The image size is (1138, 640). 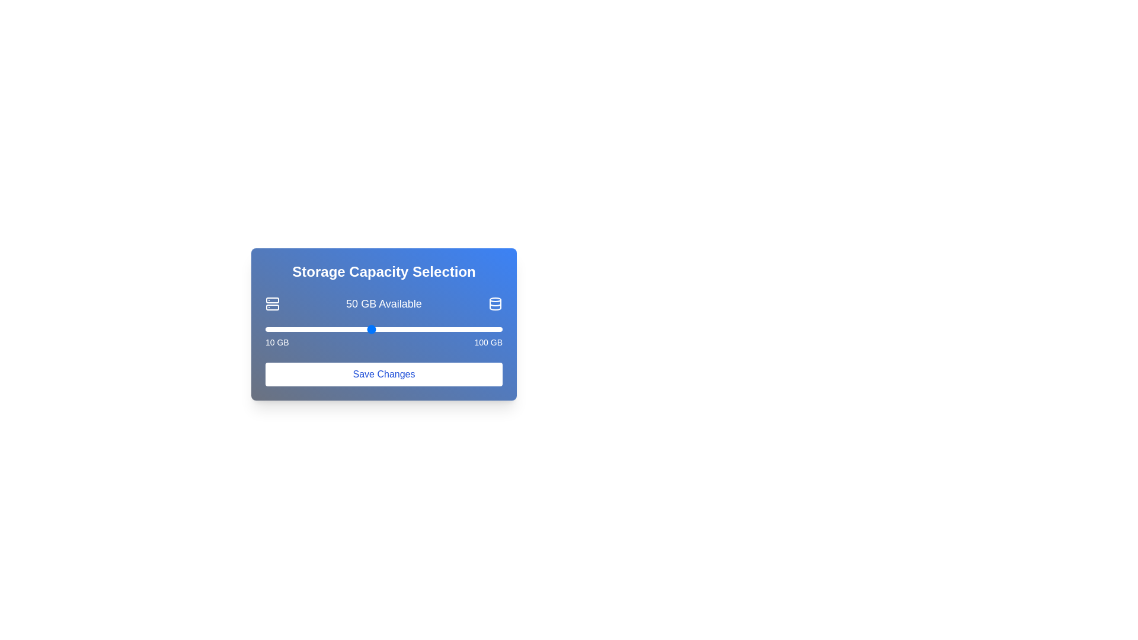 What do you see at coordinates (272, 303) in the screenshot?
I see `the server icon adjacent to the storage text` at bounding box center [272, 303].